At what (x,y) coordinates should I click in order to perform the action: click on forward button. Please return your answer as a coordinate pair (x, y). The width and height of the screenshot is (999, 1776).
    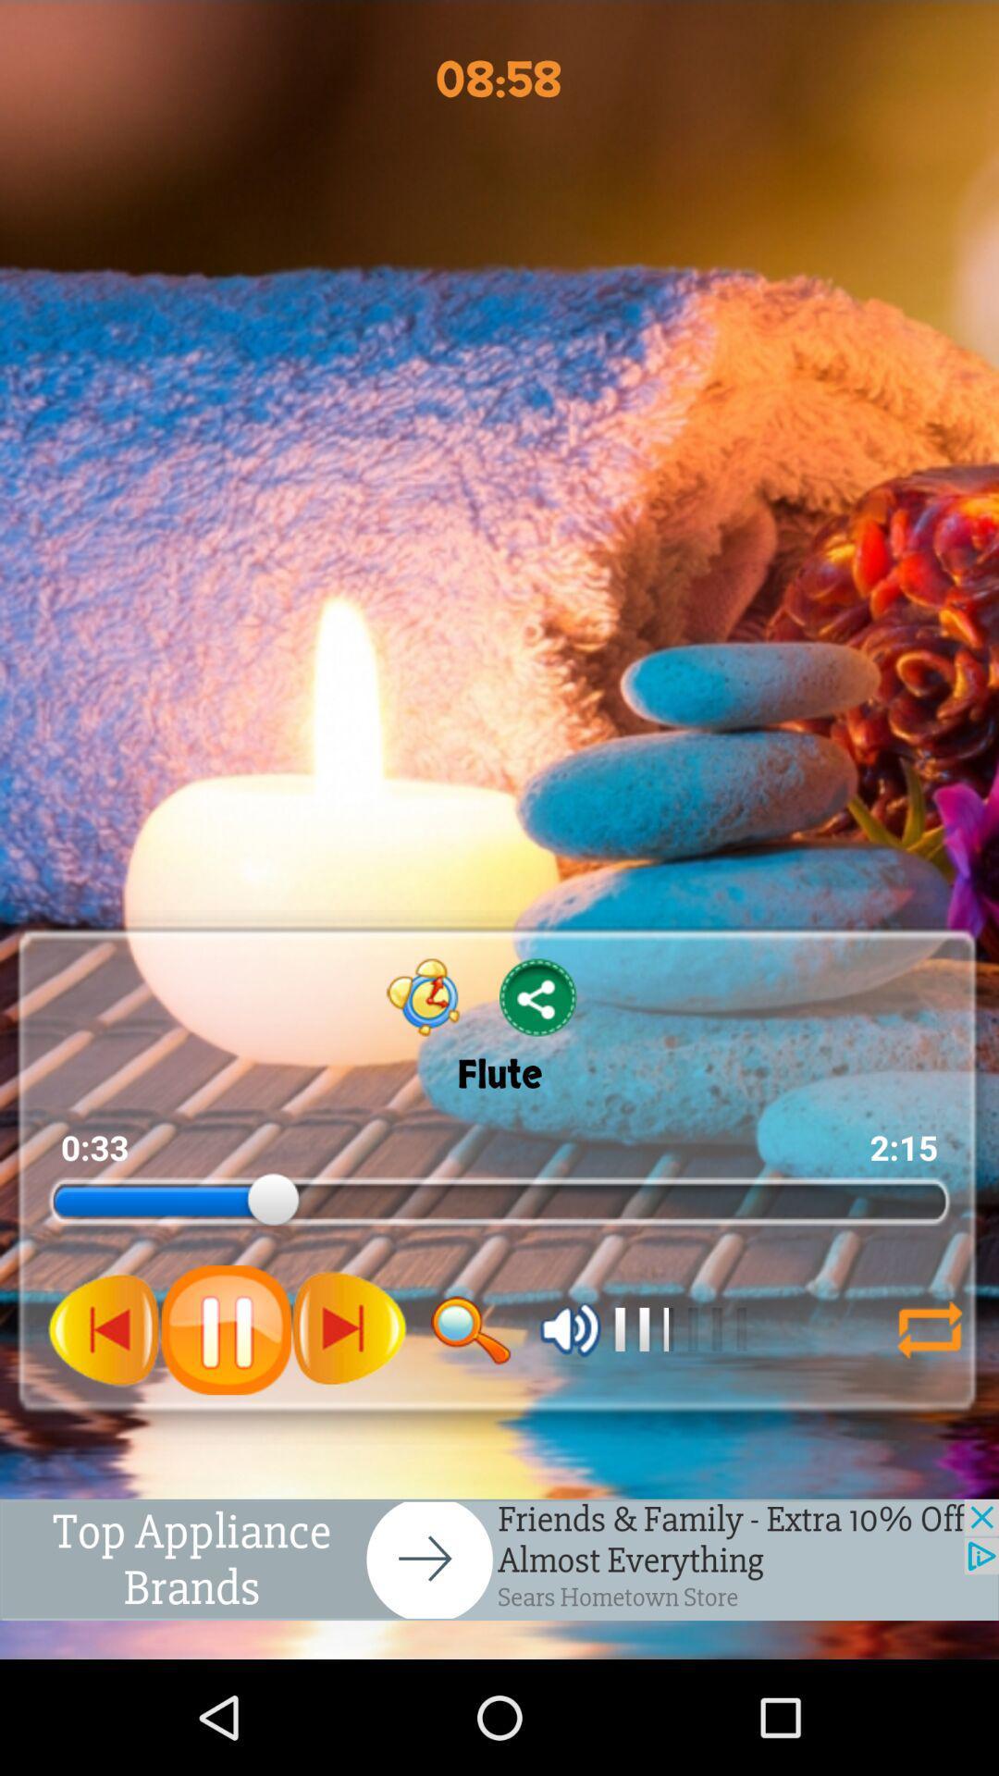
    Looking at the image, I should click on (349, 1328).